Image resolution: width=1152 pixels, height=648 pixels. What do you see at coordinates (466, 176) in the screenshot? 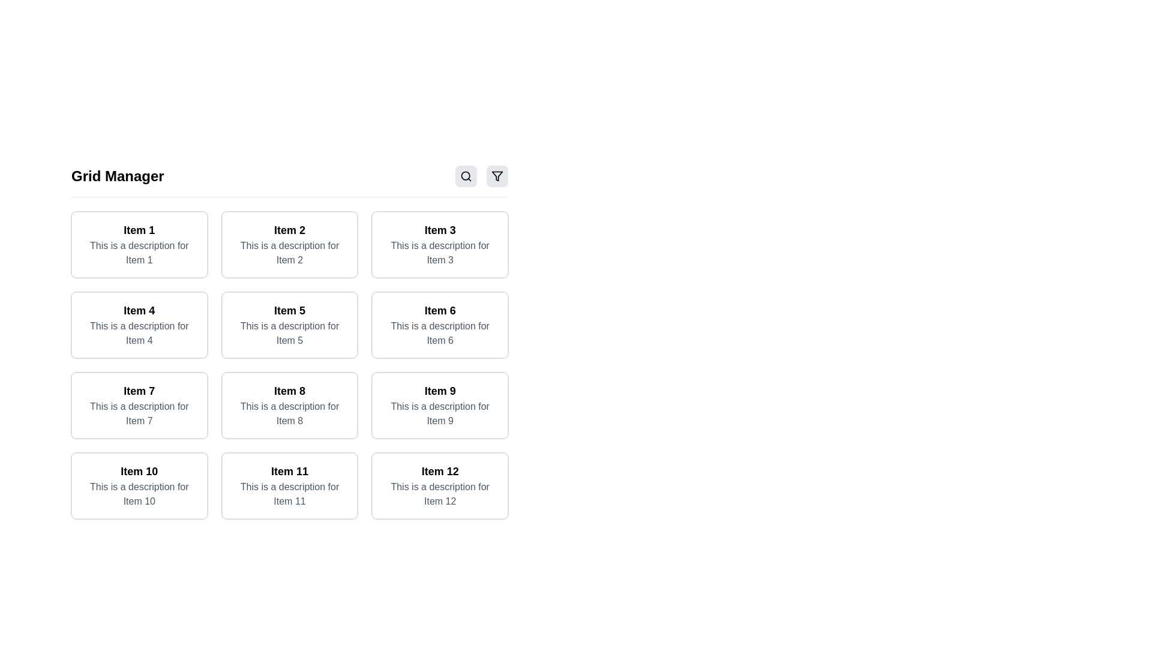
I see `the first rounded rectangular button with a search icon in the top-right corner of the display` at bounding box center [466, 176].